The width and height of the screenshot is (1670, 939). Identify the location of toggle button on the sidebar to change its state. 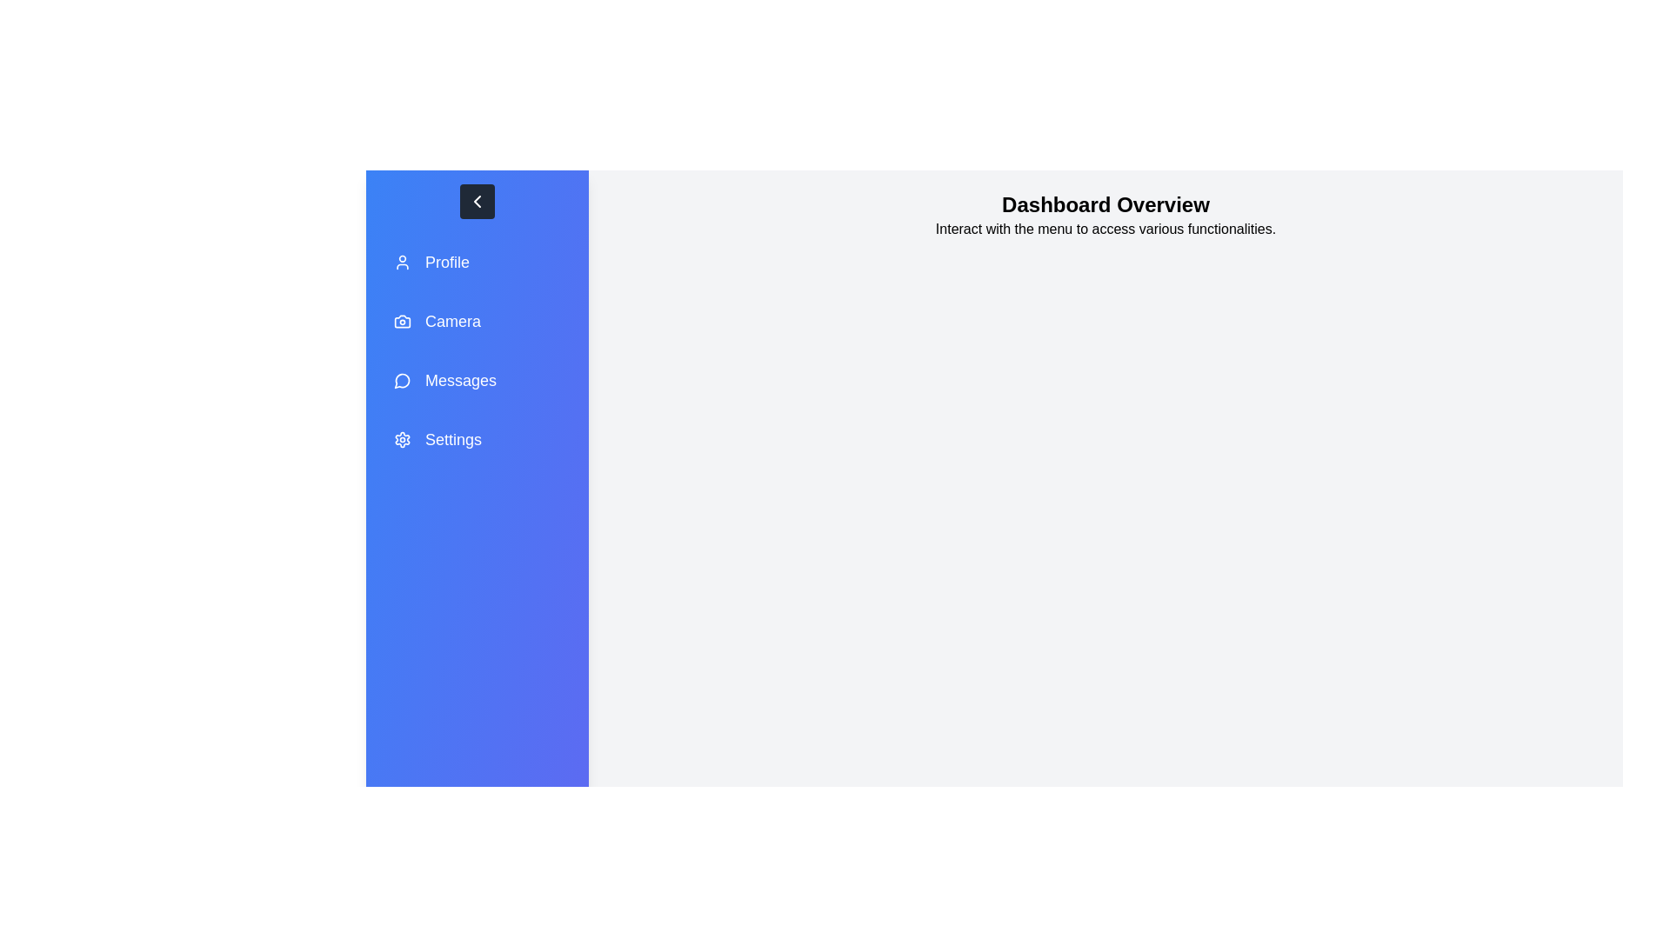
(477, 200).